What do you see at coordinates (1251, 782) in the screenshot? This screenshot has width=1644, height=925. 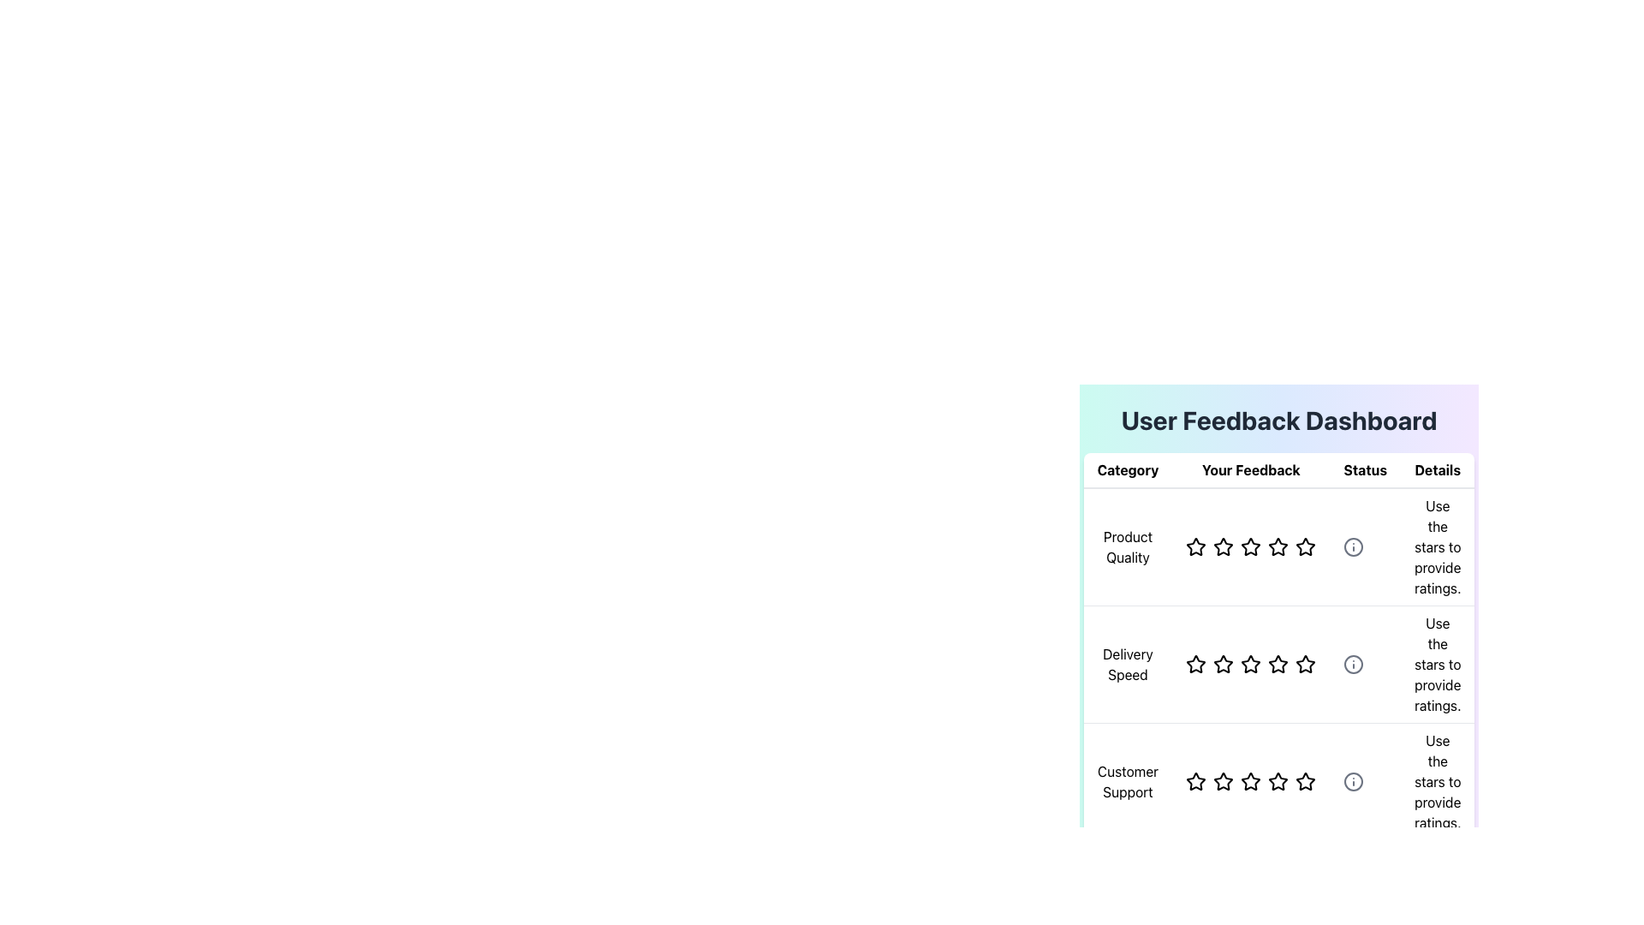 I see `the third star icon for the 'Customer Support' rating under the 'Your Feedback' section to set a rating` at bounding box center [1251, 782].